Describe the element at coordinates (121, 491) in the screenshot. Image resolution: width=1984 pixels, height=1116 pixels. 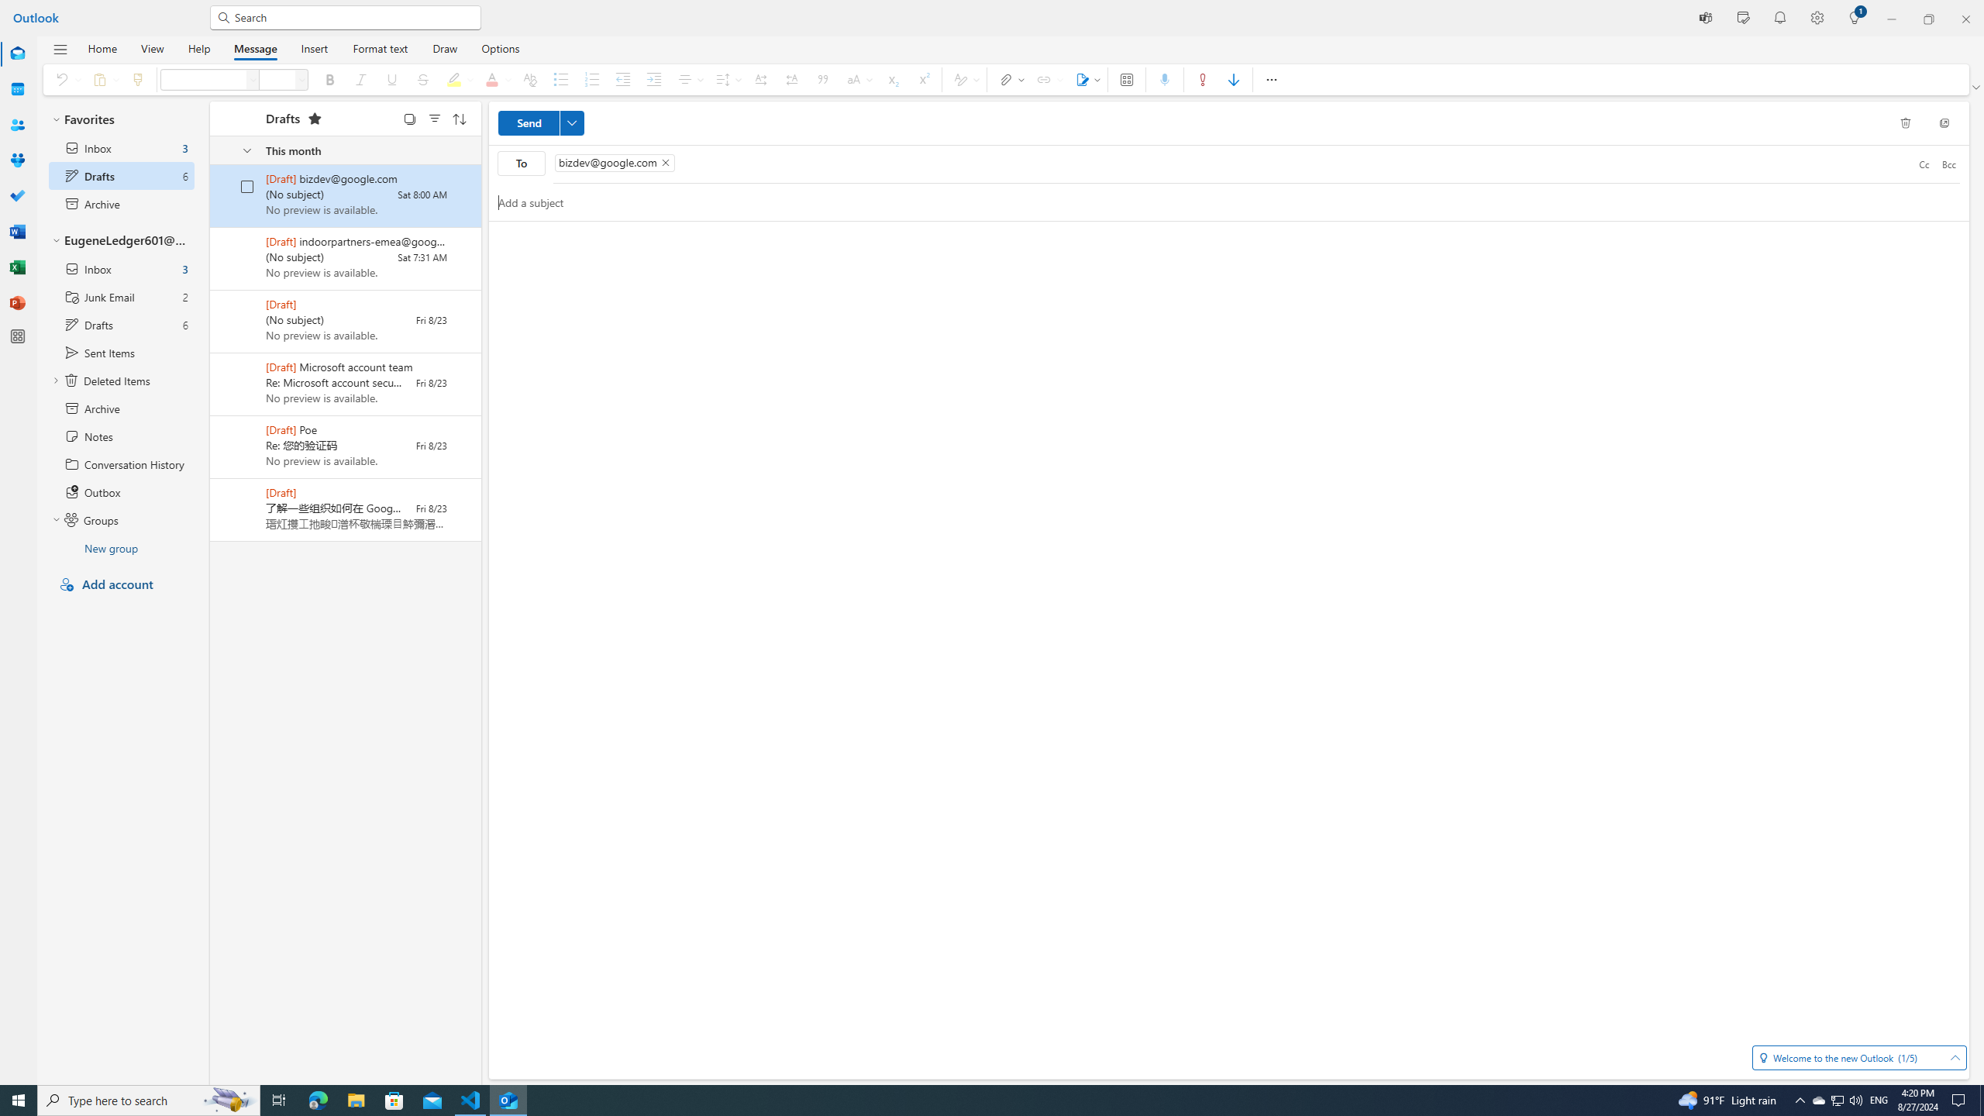
I see `'Outbox'` at that location.